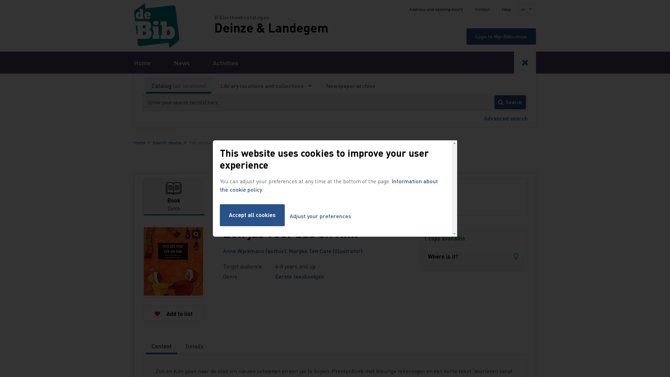 The width and height of the screenshot is (670, 377). I want to click on 'Marijke Ten Cate (illustrator)', so click(325, 250).